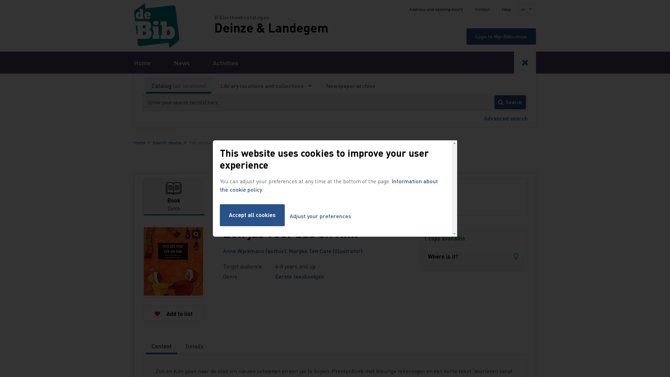 The width and height of the screenshot is (670, 377). I want to click on 'Marijke Ten Cate (illustrator)', so click(325, 250).